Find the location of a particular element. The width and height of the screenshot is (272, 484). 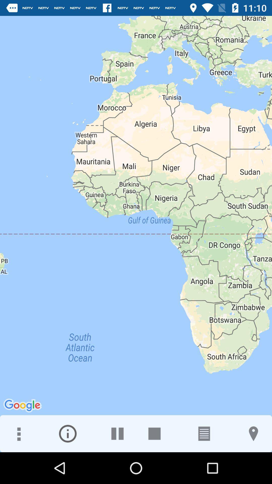

the info icon is located at coordinates (67, 433).